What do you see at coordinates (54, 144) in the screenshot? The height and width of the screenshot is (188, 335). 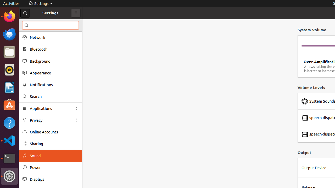 I see `'Sharing'` at bounding box center [54, 144].